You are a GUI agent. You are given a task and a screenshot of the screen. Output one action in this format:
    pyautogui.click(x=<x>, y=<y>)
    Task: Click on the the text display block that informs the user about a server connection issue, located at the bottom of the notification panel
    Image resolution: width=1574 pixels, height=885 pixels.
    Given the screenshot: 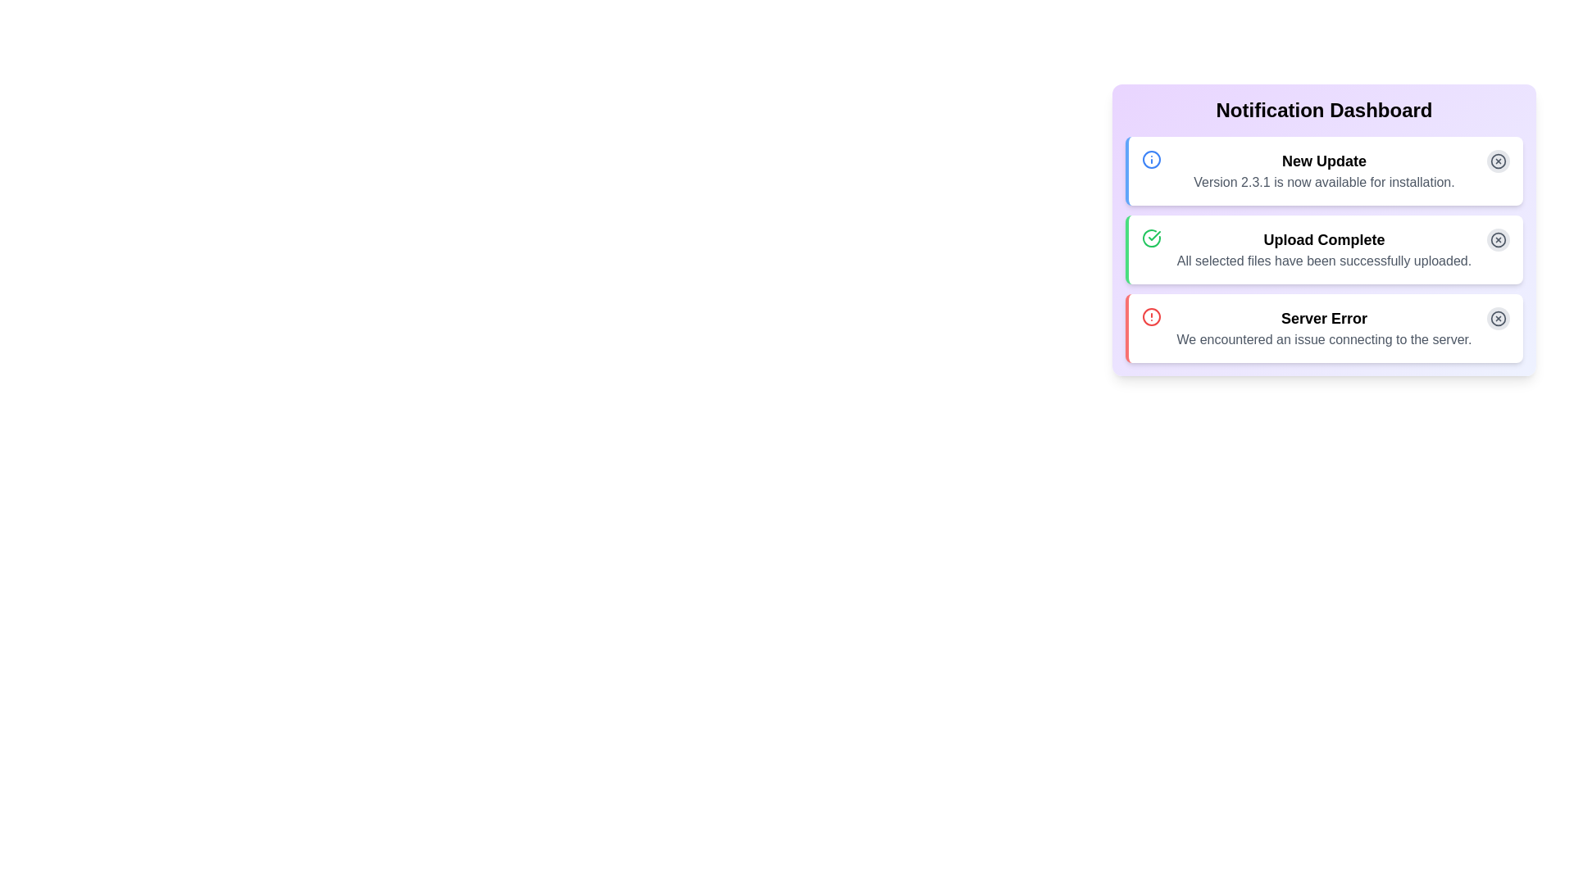 What is the action you would take?
    pyautogui.click(x=1324, y=329)
    